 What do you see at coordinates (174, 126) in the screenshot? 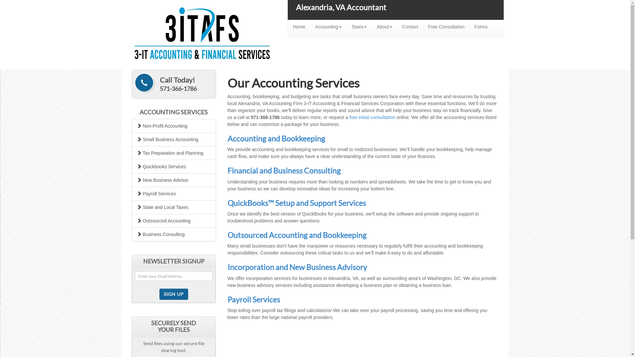
I see `' Non-Profit Accounting'` at bounding box center [174, 126].